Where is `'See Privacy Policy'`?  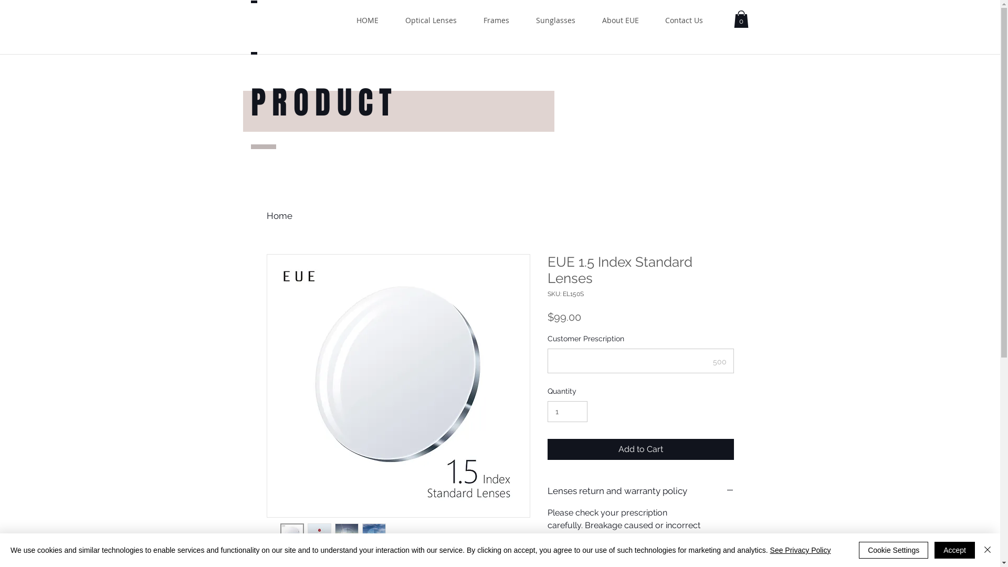
'See Privacy Policy' is located at coordinates (800, 550).